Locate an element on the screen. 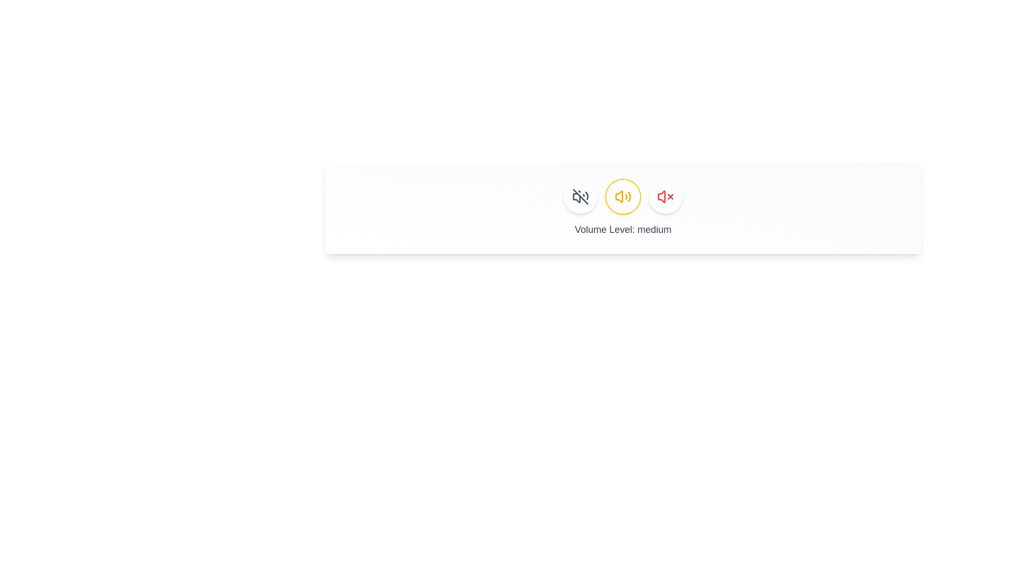  the button corresponding to medium to observe hover effects is located at coordinates (623, 196).